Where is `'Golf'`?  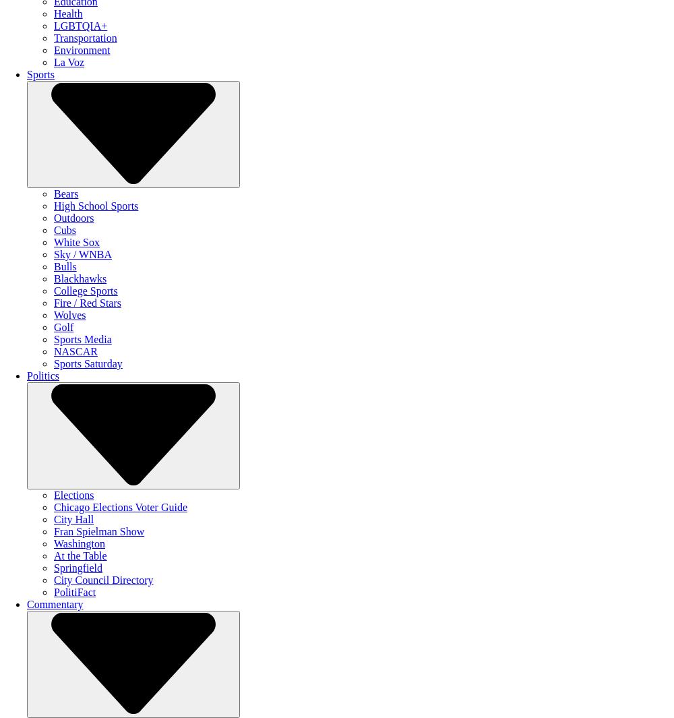 'Golf' is located at coordinates (63, 326).